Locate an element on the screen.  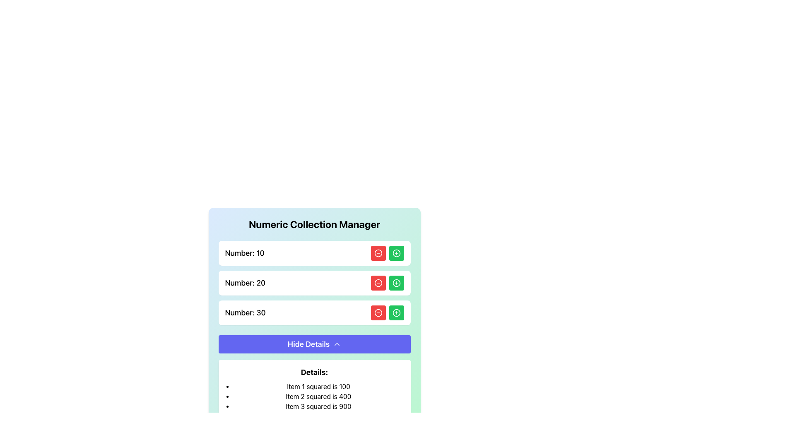
the SVG Circle that forms the boundary shape of the 'plus' icon, located in the third row of the numeric collection manager interface, adjacent to the number 30 entry is located at coordinates (396, 313).